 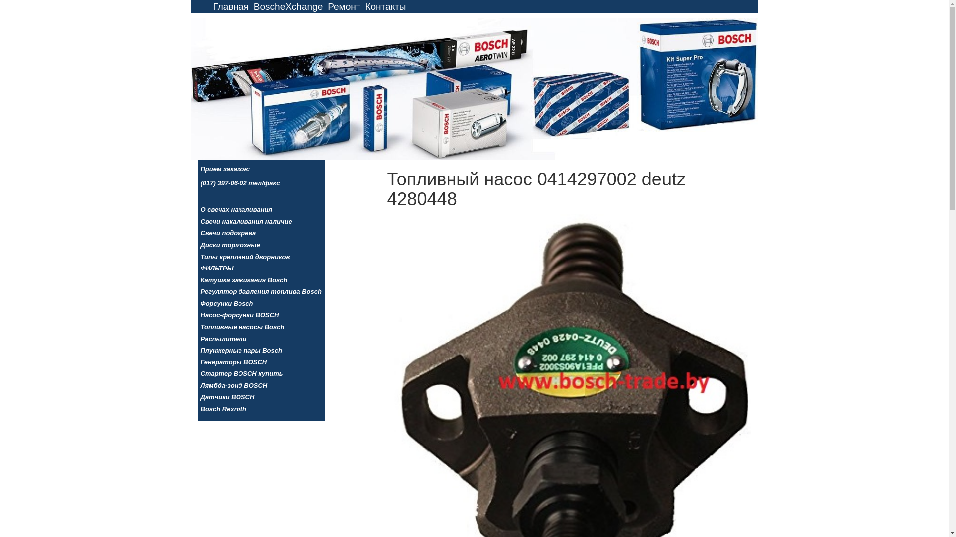 What do you see at coordinates (200, 409) in the screenshot?
I see `'Bosch Rexroth'` at bounding box center [200, 409].